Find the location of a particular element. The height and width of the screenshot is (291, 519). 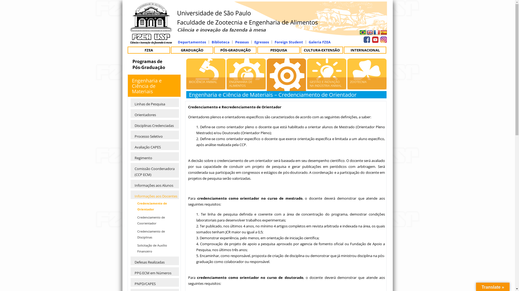

'Egressos' is located at coordinates (254, 41).